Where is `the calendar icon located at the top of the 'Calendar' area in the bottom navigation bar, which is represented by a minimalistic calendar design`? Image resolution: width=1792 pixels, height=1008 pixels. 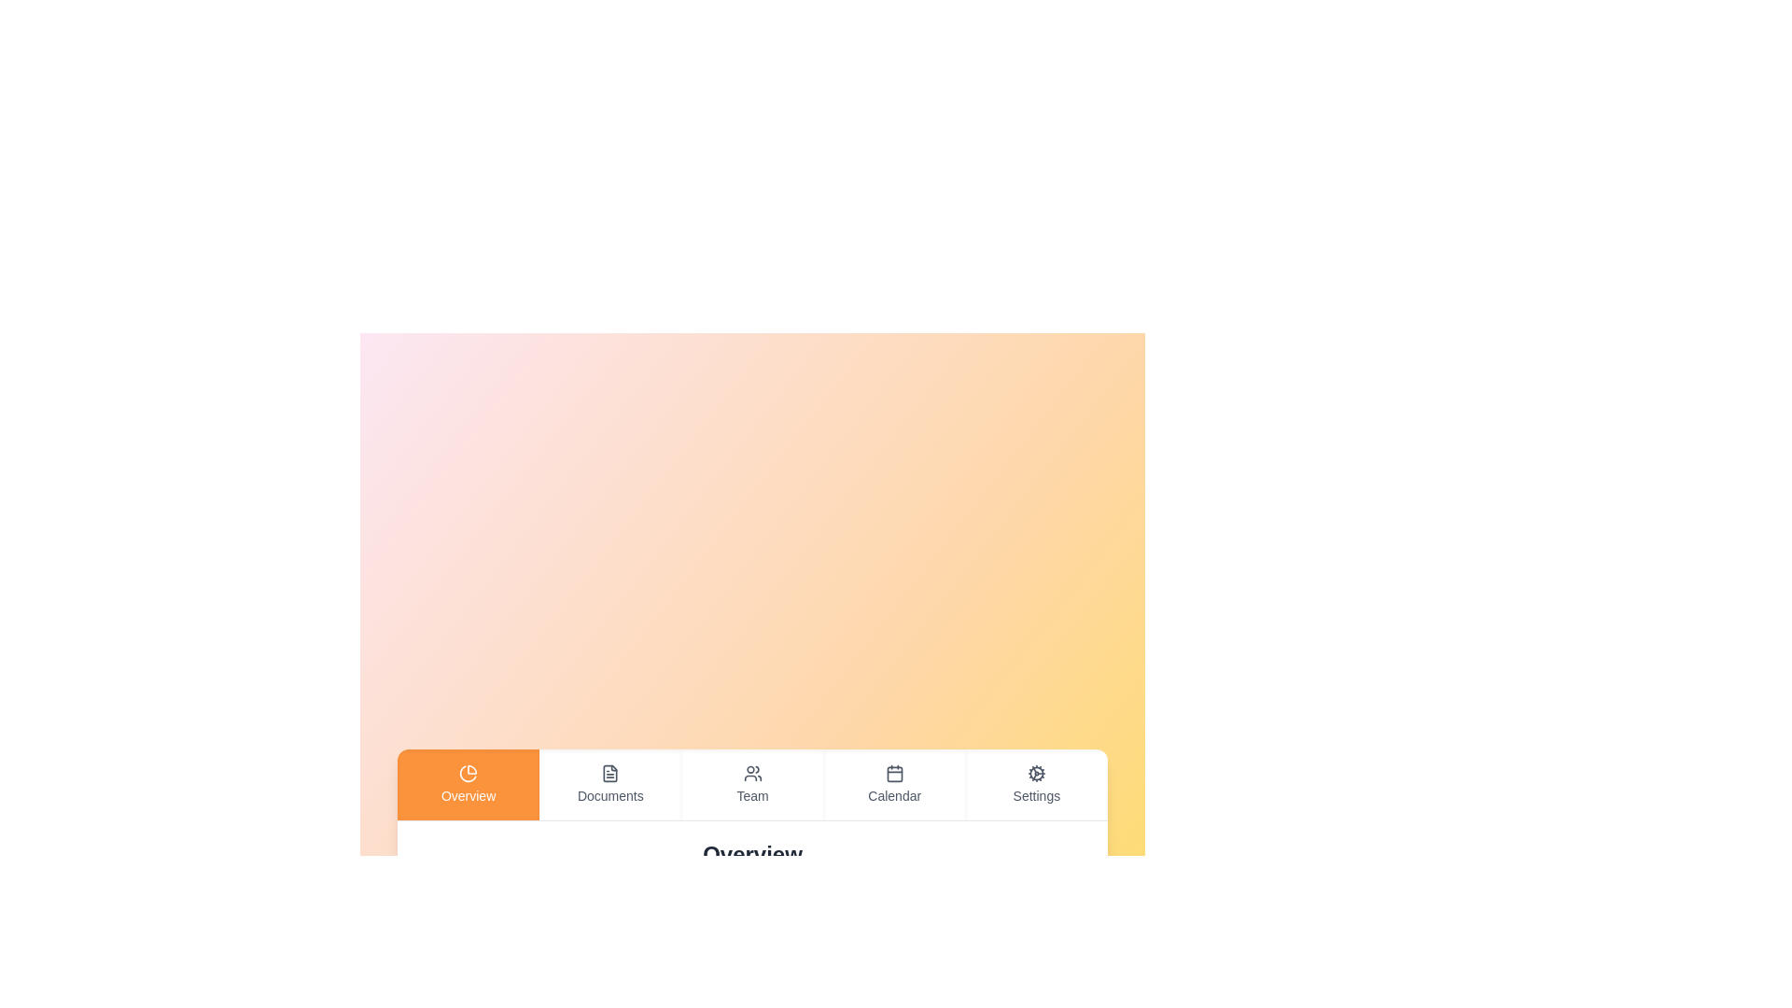
the calendar icon located at the top of the 'Calendar' area in the bottom navigation bar, which is represented by a minimalistic calendar design is located at coordinates (893, 773).